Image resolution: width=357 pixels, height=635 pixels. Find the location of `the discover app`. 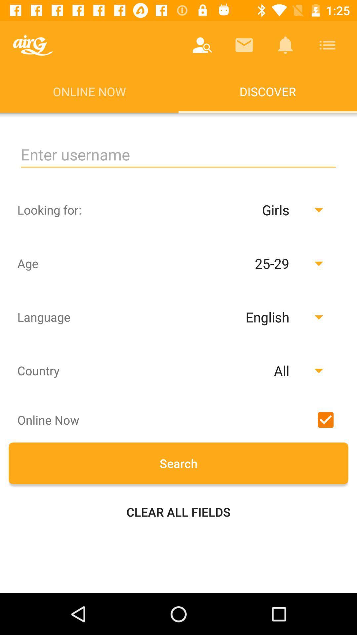

the discover app is located at coordinates (268, 91).